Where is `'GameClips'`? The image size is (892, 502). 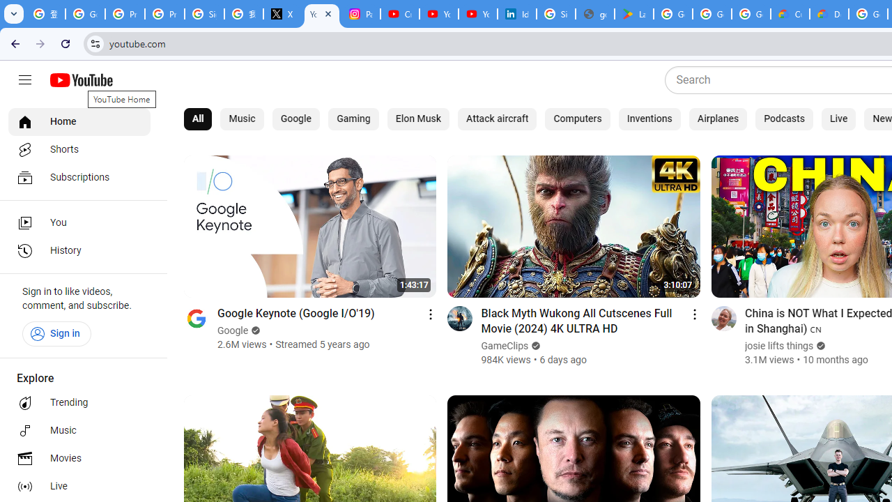
'GameClips' is located at coordinates (505, 345).